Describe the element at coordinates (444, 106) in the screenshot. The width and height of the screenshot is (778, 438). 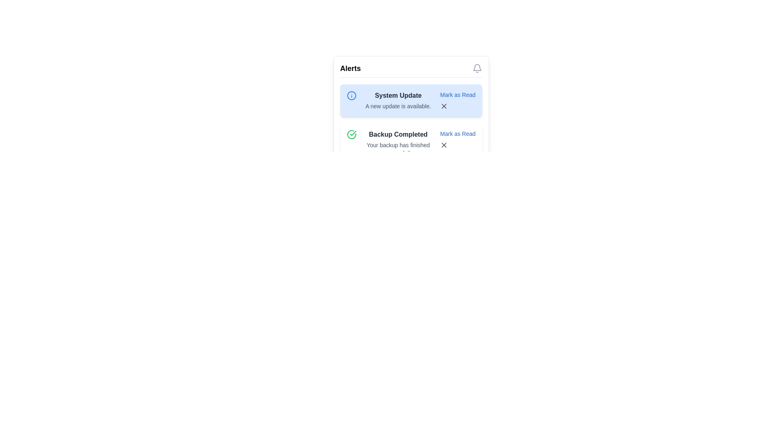
I see `the close icon button located in the top-right corner of the first blue alert entry` at that location.